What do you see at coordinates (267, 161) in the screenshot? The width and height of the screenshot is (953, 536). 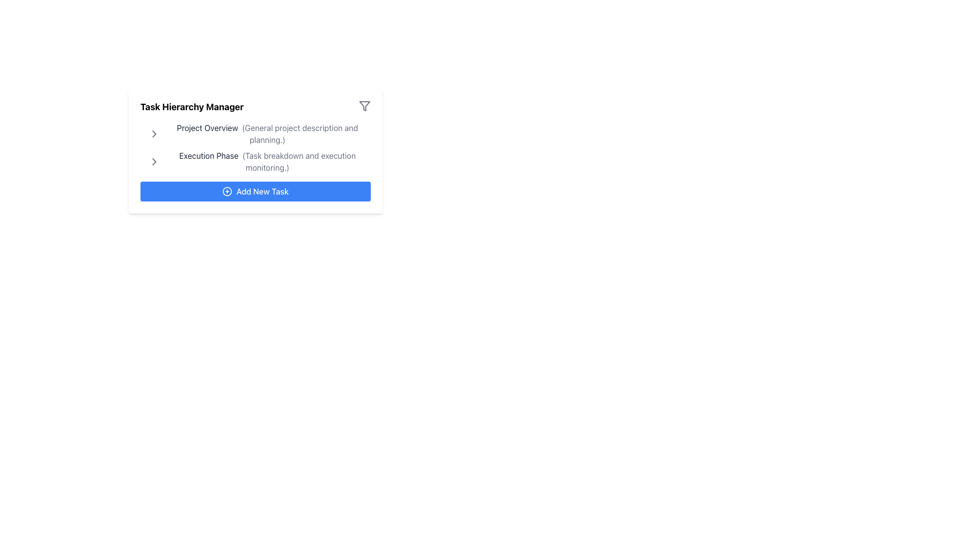 I see `the 'Execution Phase' label under the 'Task Hierarchy Manager' section to potentially expand details` at bounding box center [267, 161].